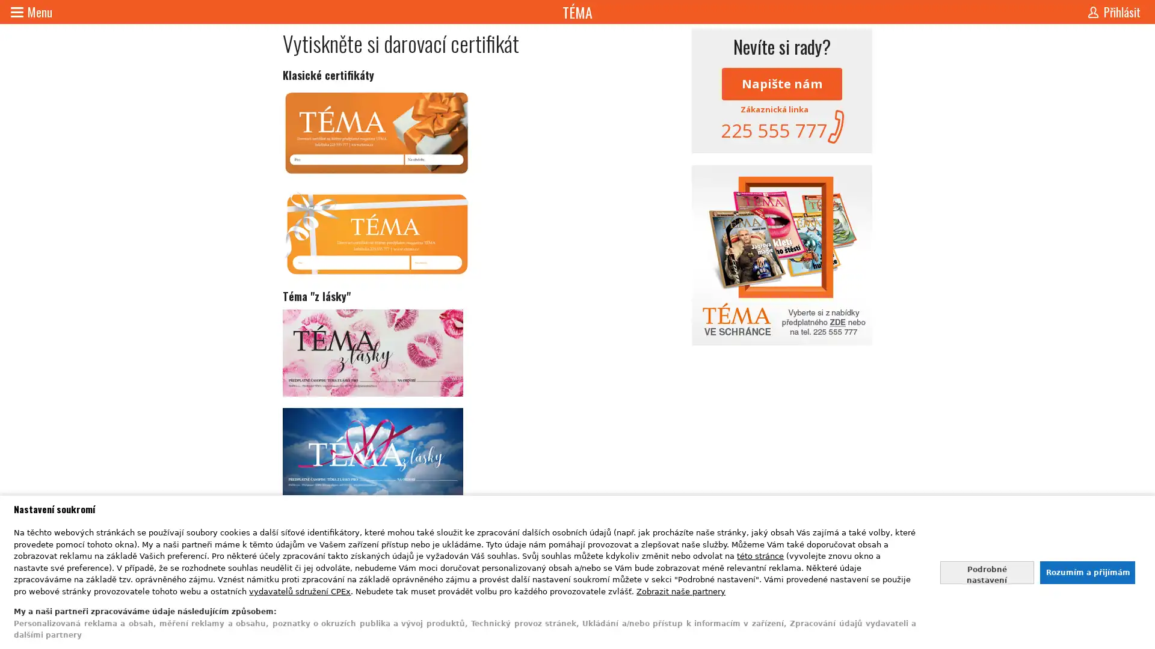  I want to click on Zobrazit nase partnery, so click(681, 590).